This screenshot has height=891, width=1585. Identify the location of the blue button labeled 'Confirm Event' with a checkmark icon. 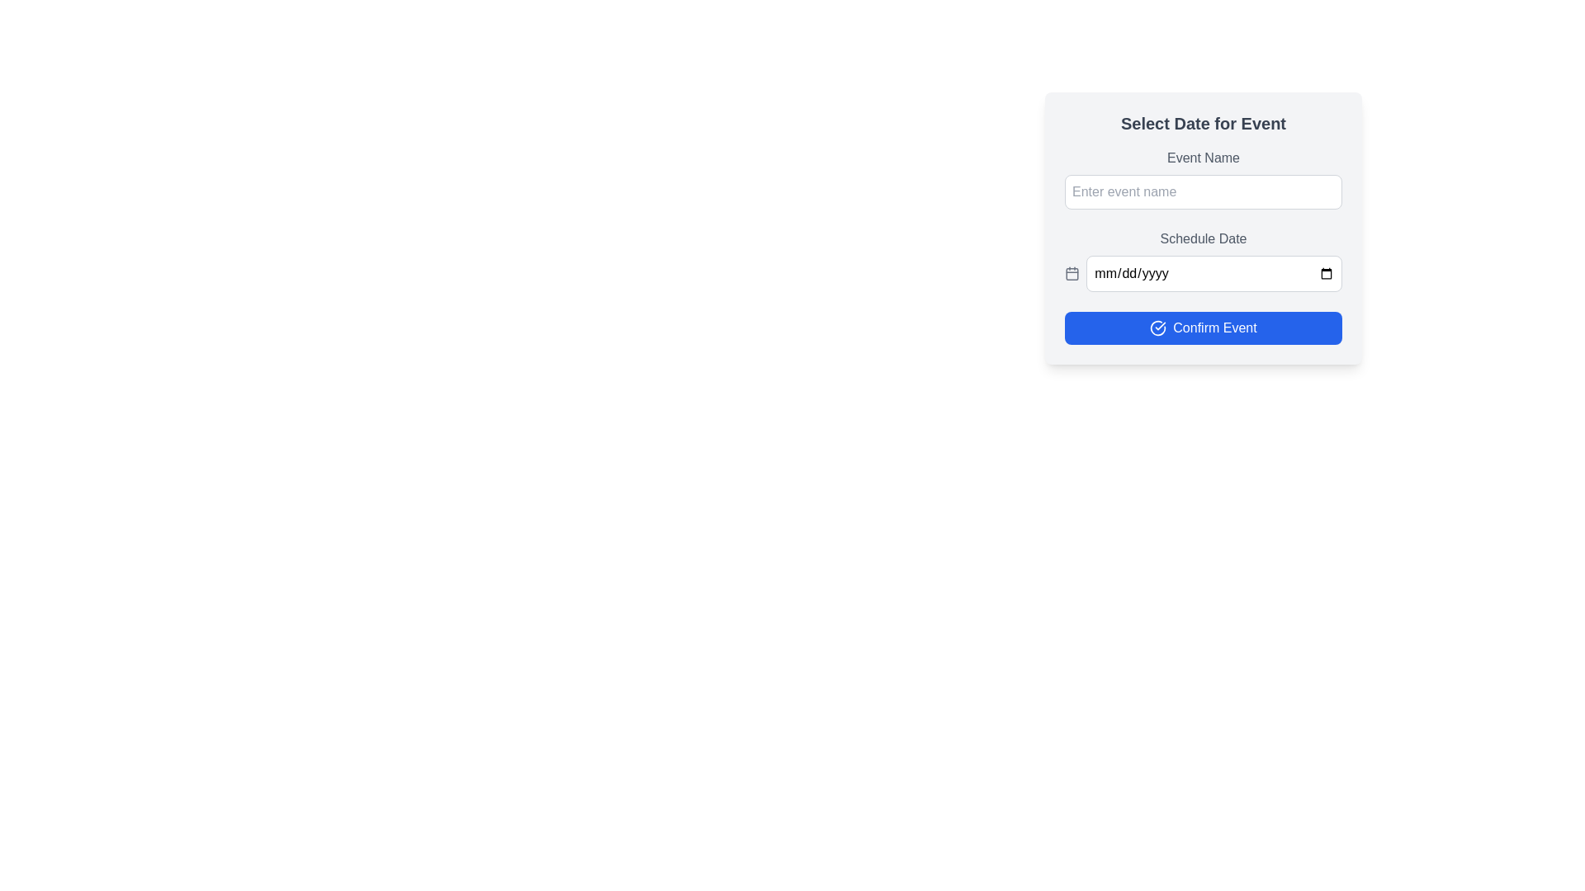
(1204, 328).